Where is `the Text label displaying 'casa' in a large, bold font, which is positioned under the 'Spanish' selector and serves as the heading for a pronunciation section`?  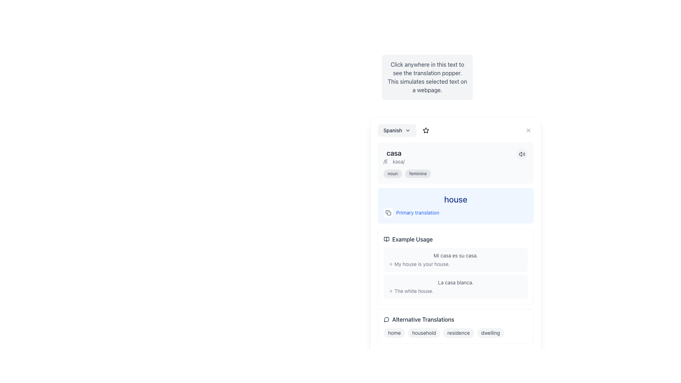
the Text label displaying 'casa' in a large, bold font, which is positioned under the 'Spanish' selector and serves as the heading for a pronunciation section is located at coordinates (393, 153).